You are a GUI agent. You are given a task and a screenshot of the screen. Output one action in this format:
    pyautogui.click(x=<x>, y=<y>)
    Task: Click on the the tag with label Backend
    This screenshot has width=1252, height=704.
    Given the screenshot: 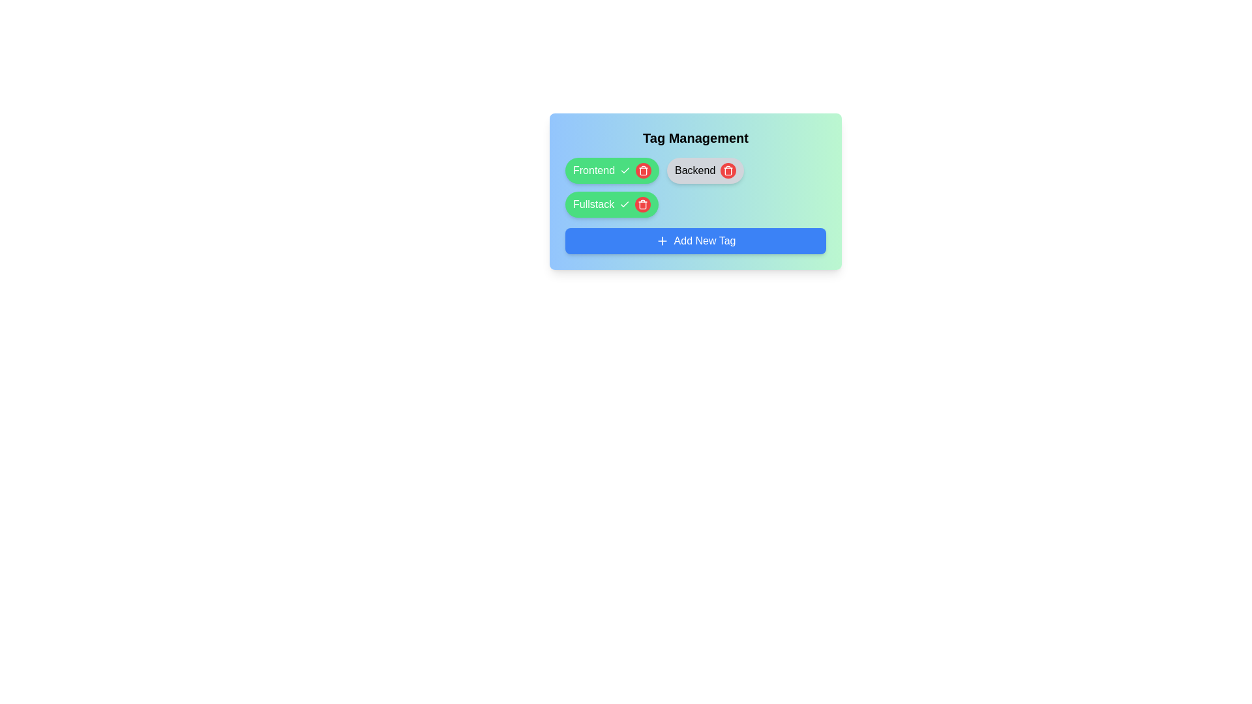 What is the action you would take?
    pyautogui.click(x=728, y=170)
    